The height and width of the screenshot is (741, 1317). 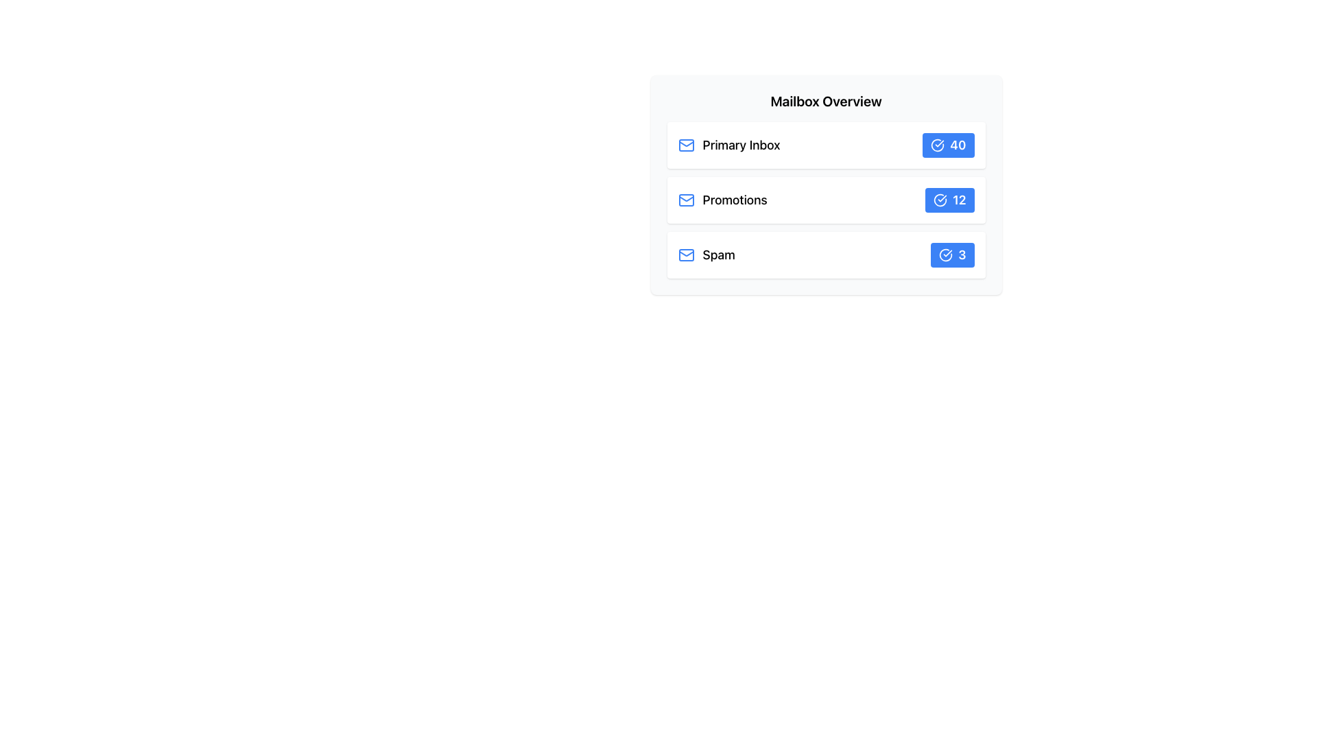 What do you see at coordinates (957, 145) in the screenshot?
I see `the large, bold text label displaying the number '40', which is styled in white on a blue semi-rounded rectangular background, located in the top-right corner of the 'Primary Inbox' row in the 'Mailbox Overview' section` at bounding box center [957, 145].